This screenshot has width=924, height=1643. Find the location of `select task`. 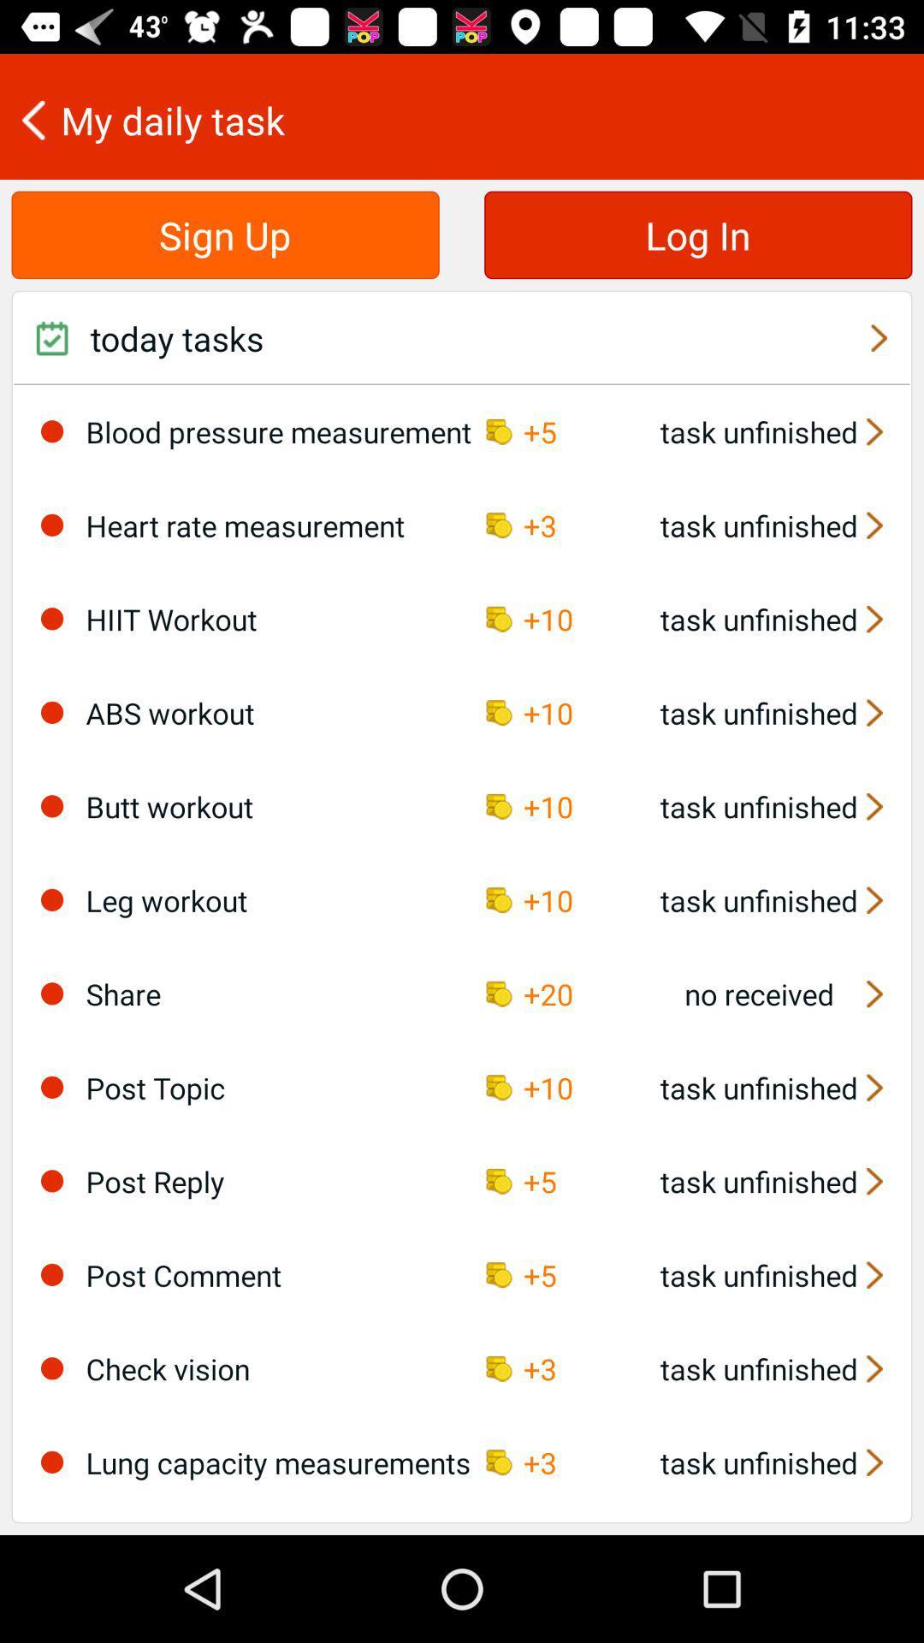

select task is located at coordinates (51, 994).